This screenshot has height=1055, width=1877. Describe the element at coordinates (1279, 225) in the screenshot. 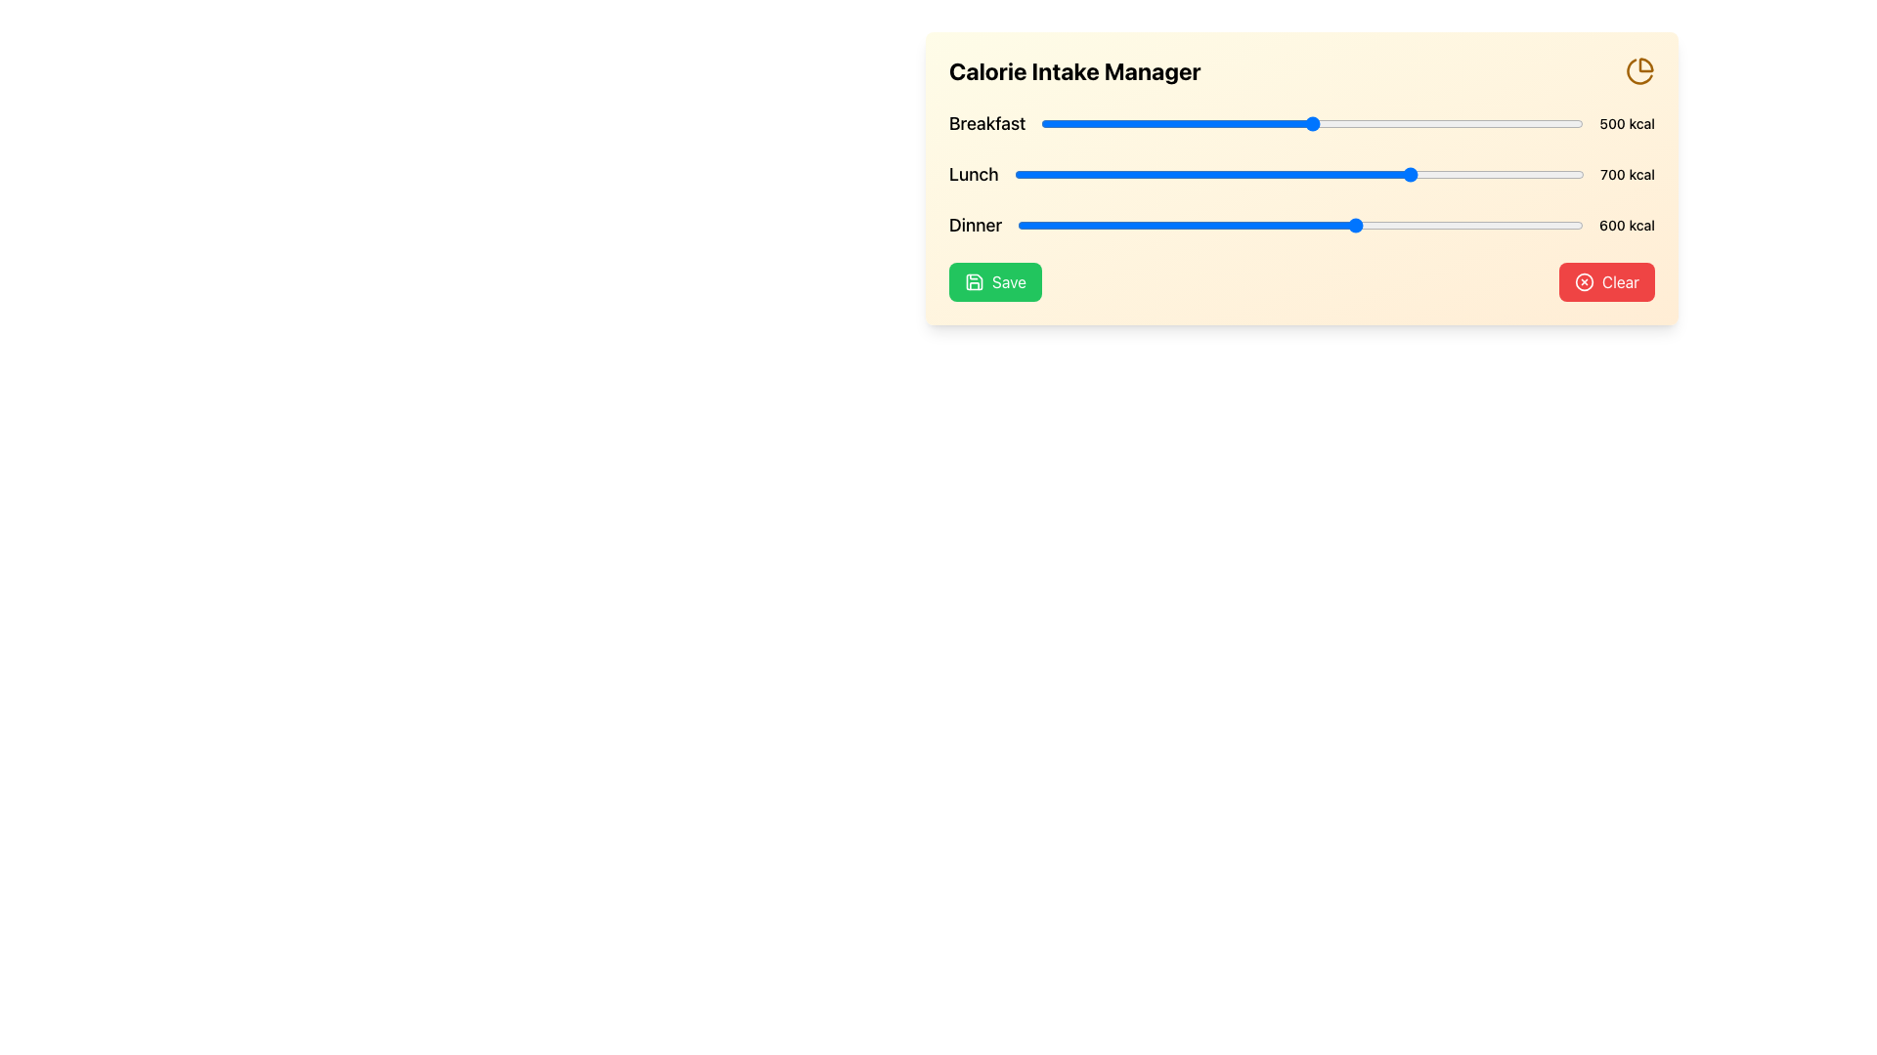

I see `Dinner kcal` at that location.